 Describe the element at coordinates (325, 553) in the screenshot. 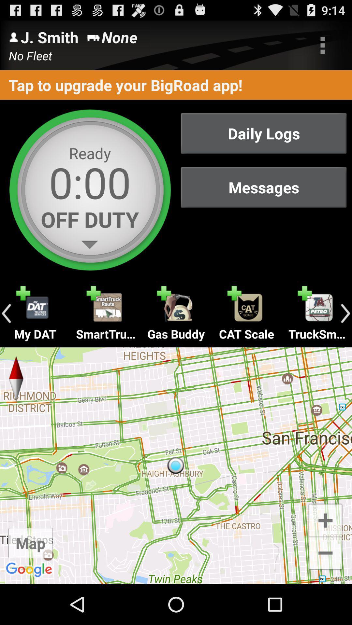

I see `zoom out option` at that location.